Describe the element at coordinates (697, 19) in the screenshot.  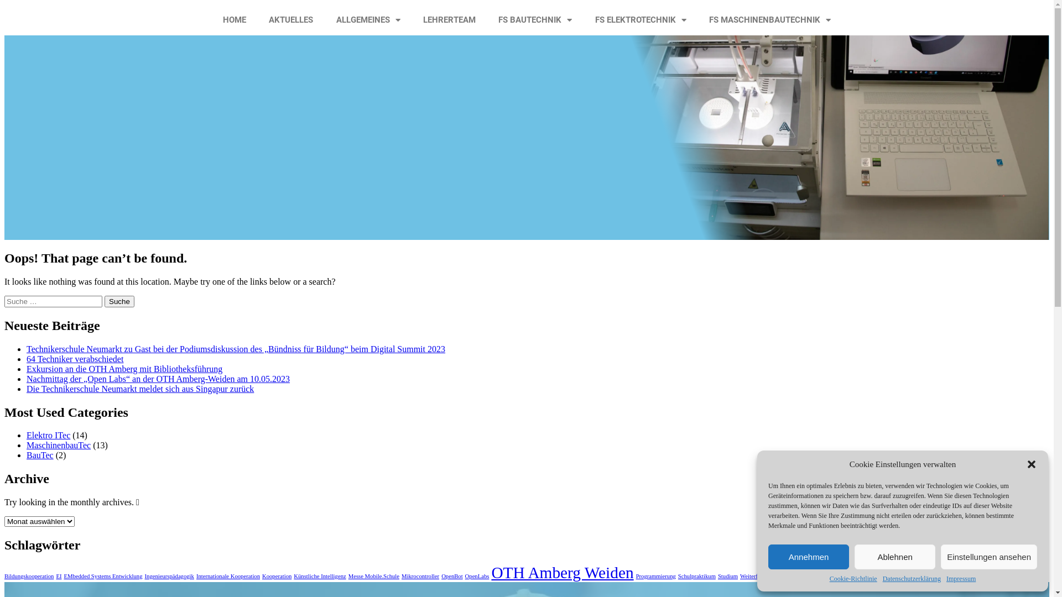
I see `'FS MASCHINENBAUTECHNIK'` at that location.